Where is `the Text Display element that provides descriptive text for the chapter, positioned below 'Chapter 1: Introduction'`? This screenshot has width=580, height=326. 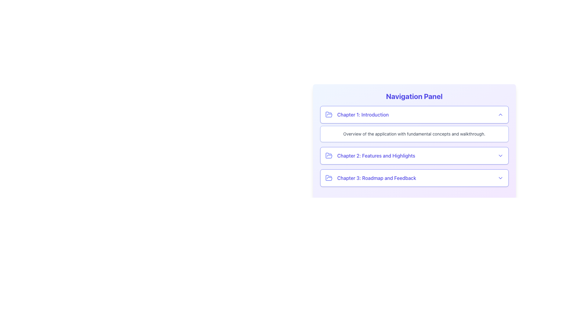
the Text Display element that provides descriptive text for the chapter, positioned below 'Chapter 1: Introduction' is located at coordinates (414, 131).